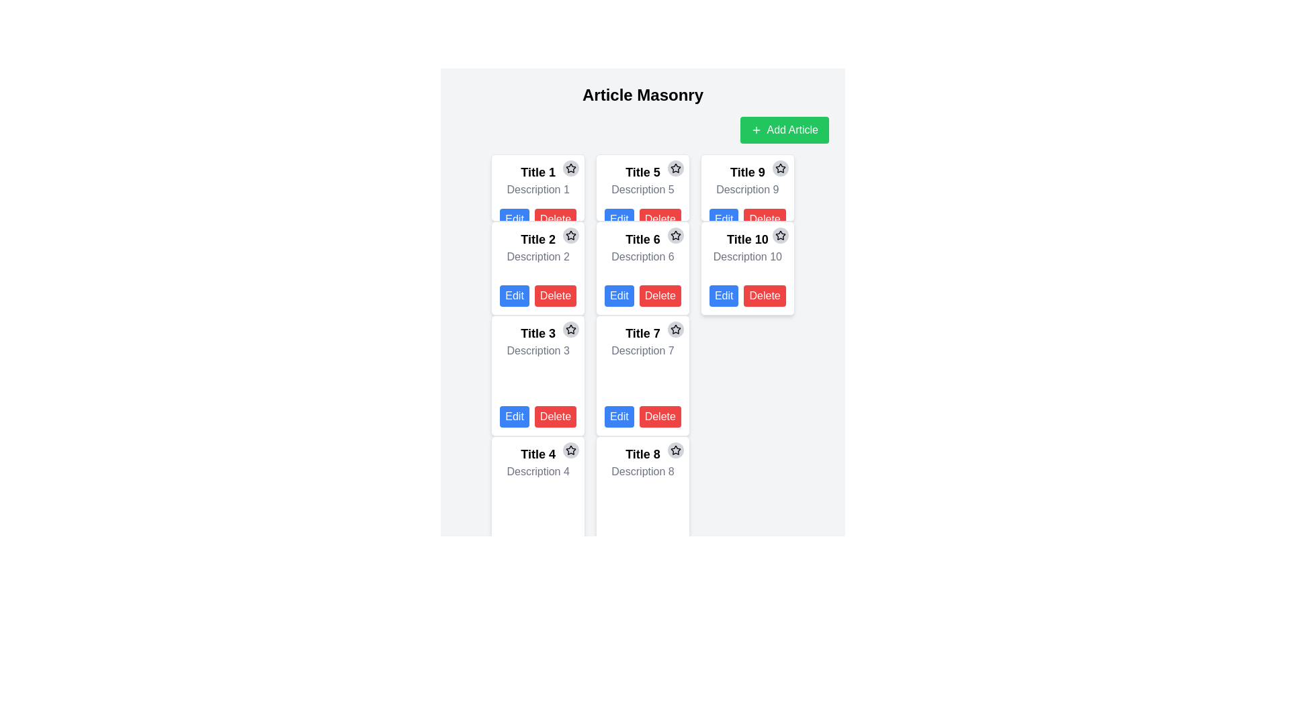 The width and height of the screenshot is (1290, 725). I want to click on the icon button in the top-right corner of the card labeled 'Title 6', so click(675, 235).